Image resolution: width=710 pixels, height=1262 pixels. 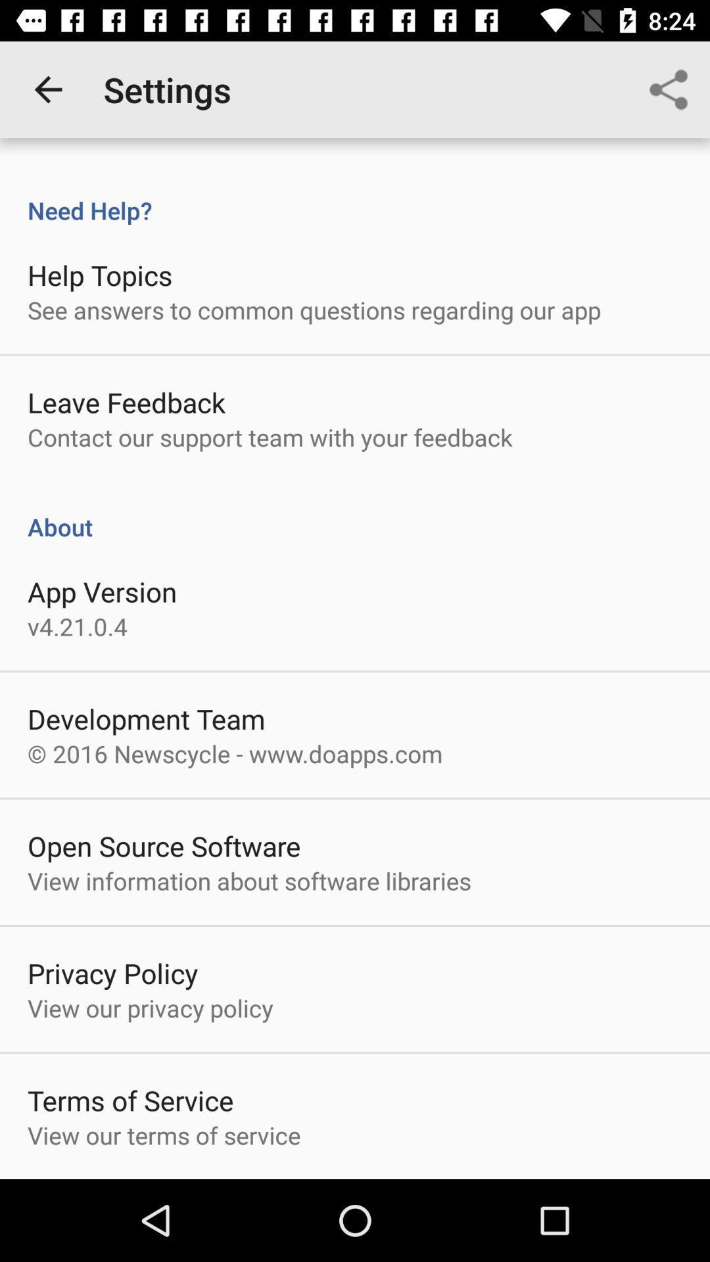 I want to click on app to the right of the settings, so click(x=669, y=89).